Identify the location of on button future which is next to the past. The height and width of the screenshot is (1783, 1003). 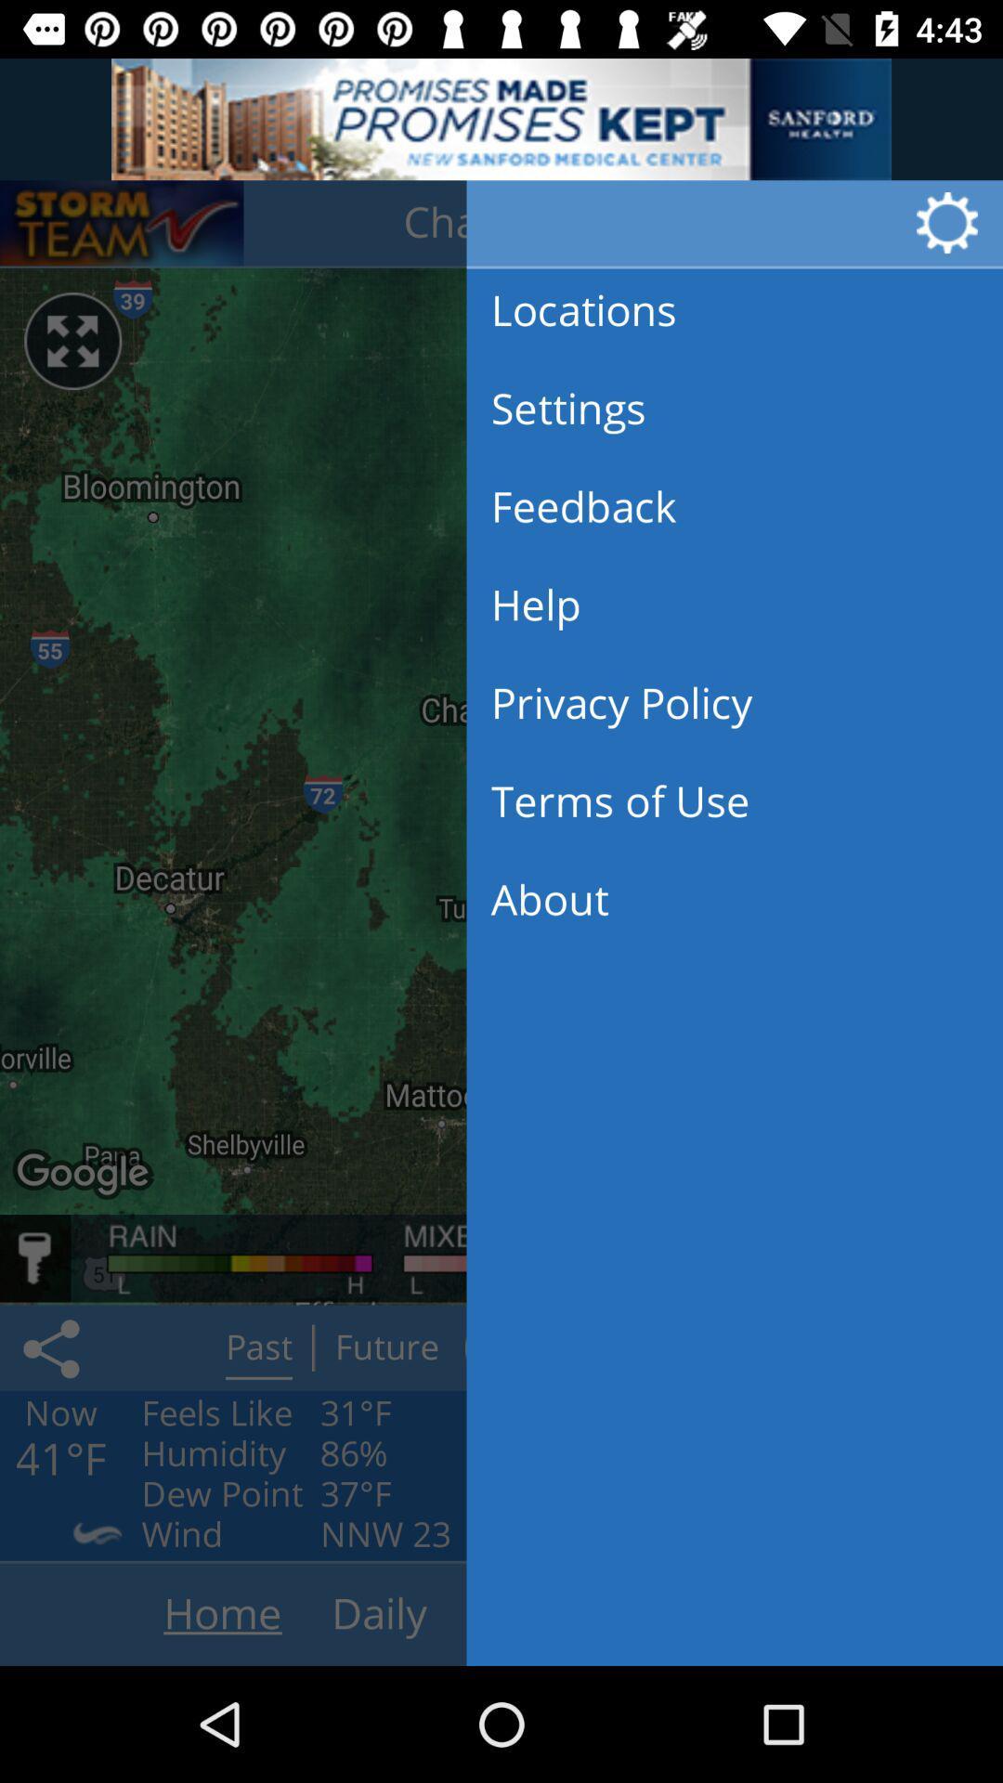
(385, 1347).